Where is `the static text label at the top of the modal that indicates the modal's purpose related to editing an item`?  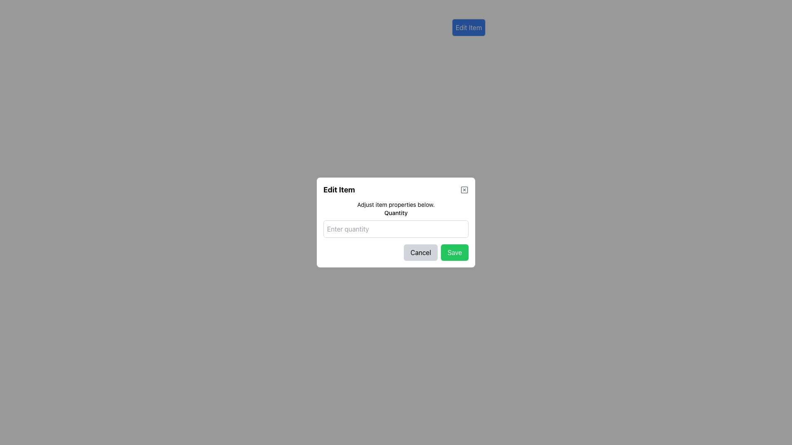 the static text label at the top of the modal that indicates the modal's purpose related to editing an item is located at coordinates (339, 190).